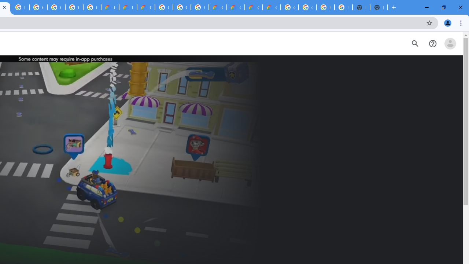 This screenshot has width=469, height=264. What do you see at coordinates (163, 7) in the screenshot?
I see `'Google Cloud Platform'` at bounding box center [163, 7].